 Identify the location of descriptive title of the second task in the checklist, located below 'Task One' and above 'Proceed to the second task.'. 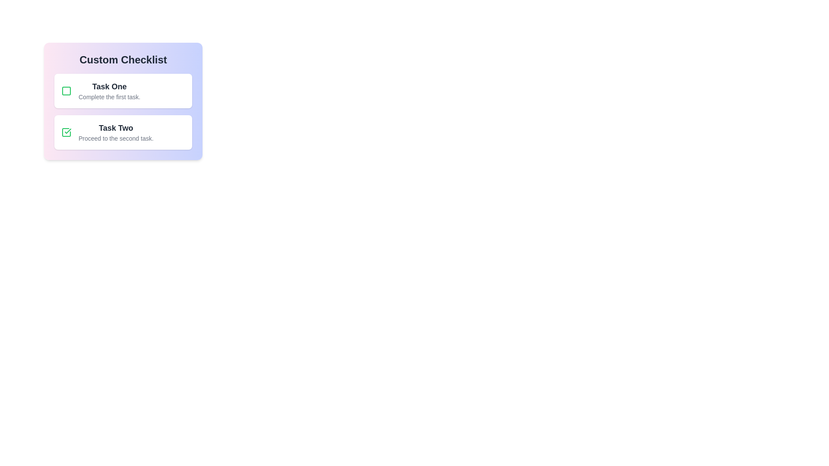
(115, 128).